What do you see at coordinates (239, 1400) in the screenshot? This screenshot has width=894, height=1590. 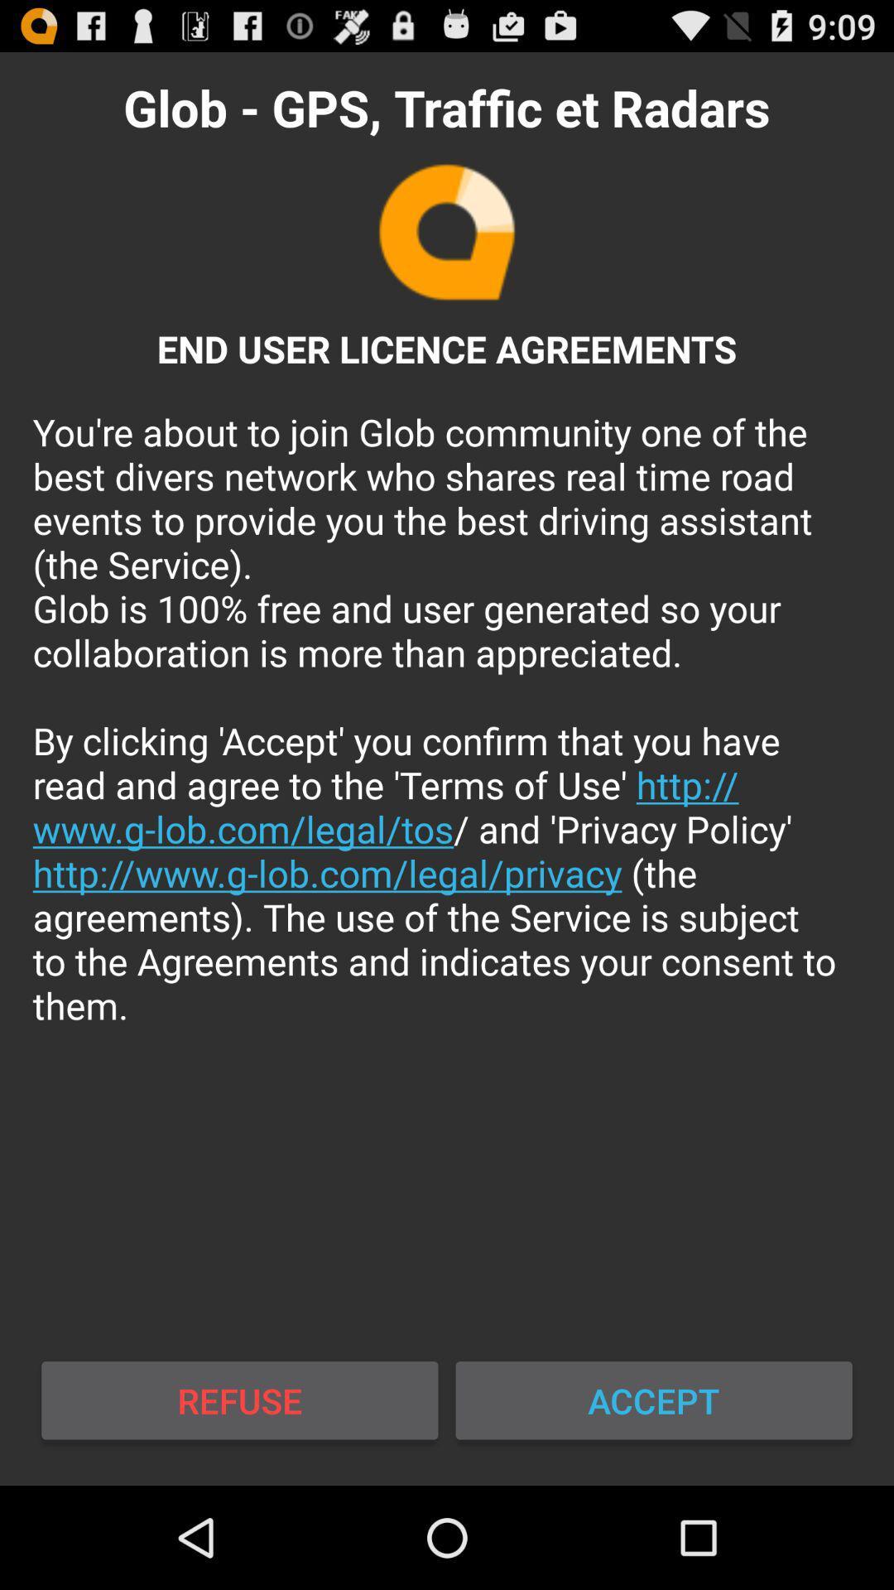 I see `the refuse button` at bounding box center [239, 1400].